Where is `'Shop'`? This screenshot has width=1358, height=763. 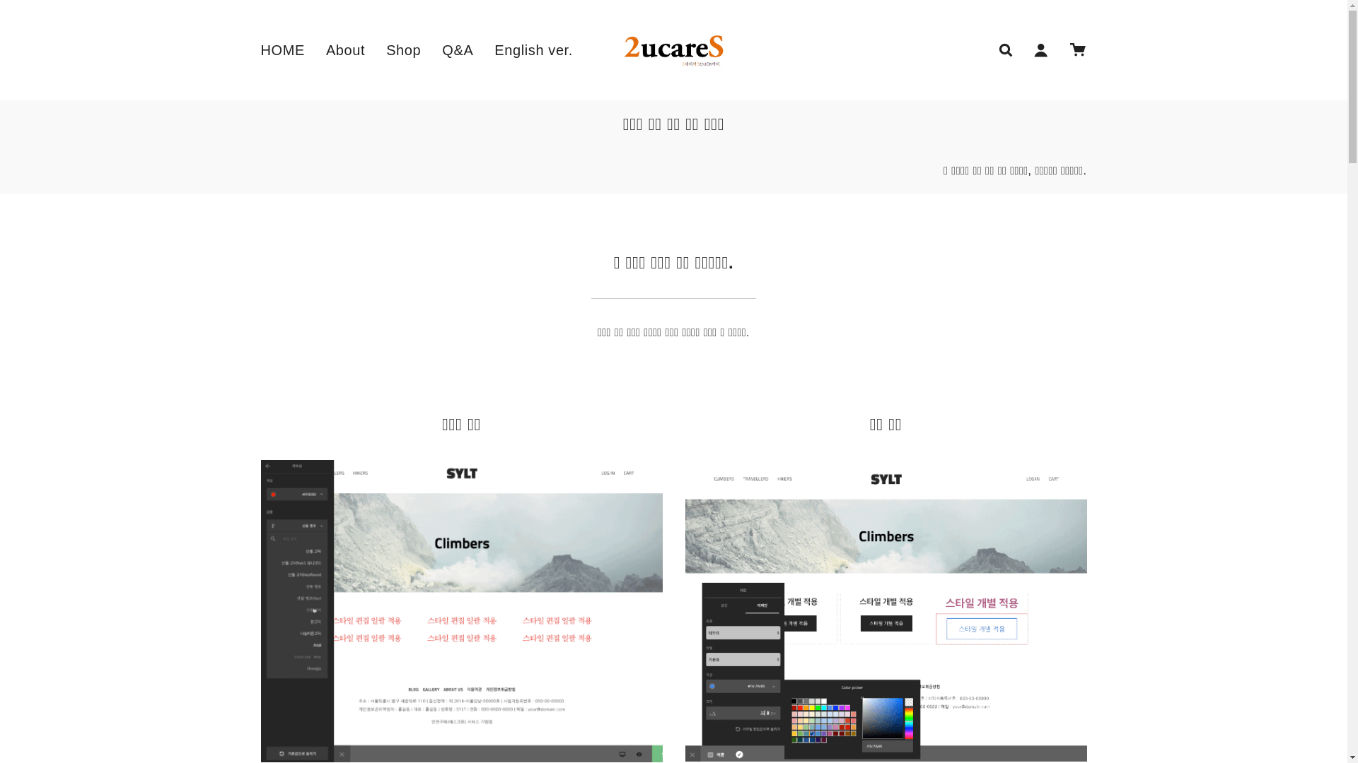 'Shop' is located at coordinates (402, 49).